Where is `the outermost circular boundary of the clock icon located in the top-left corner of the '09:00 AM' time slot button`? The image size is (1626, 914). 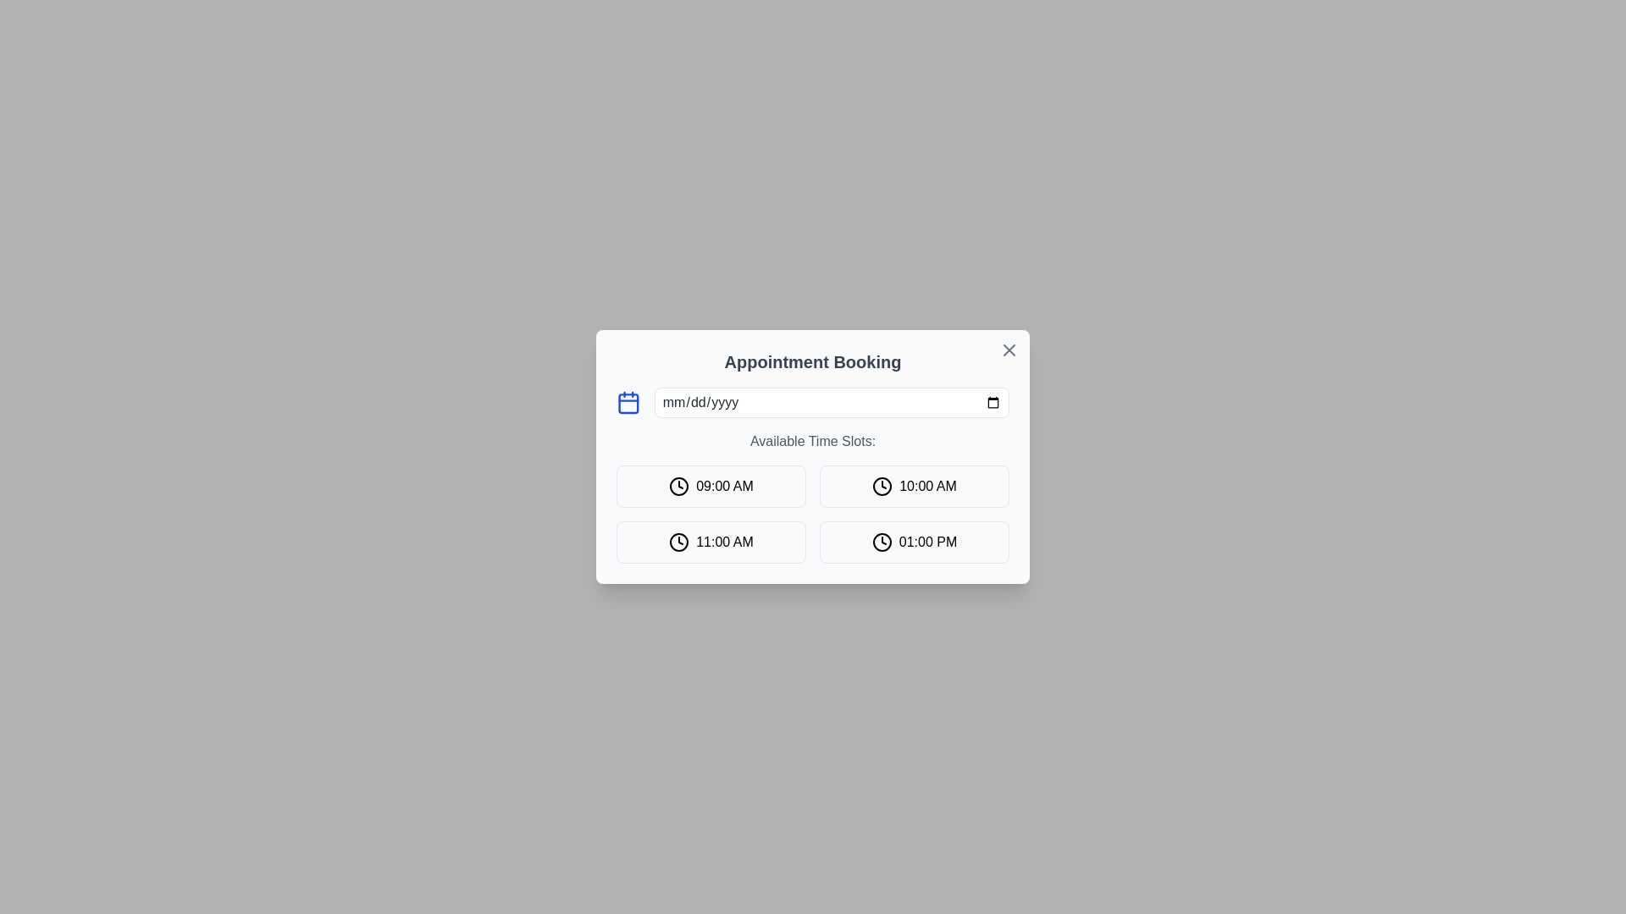
the outermost circular boundary of the clock icon located in the top-left corner of the '09:00 AM' time slot button is located at coordinates (679, 486).